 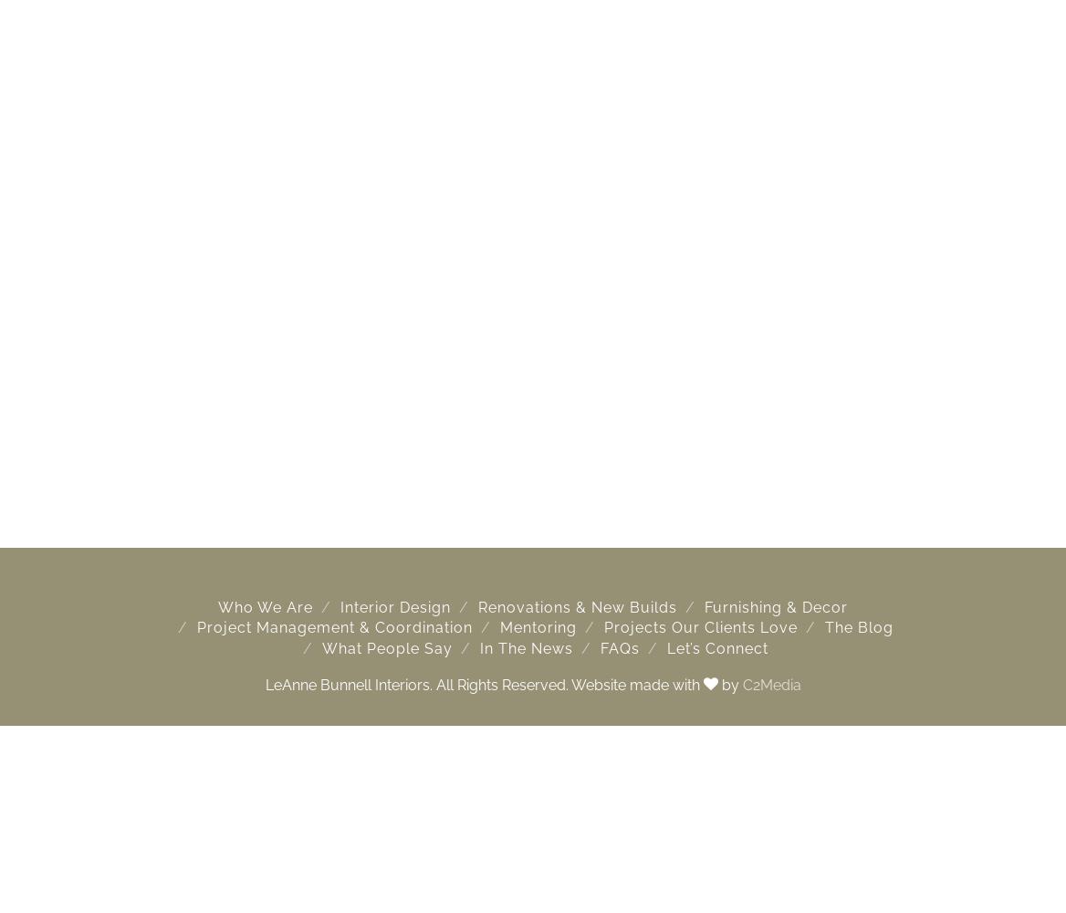 What do you see at coordinates (339, 607) in the screenshot?
I see `'Interior Design'` at bounding box center [339, 607].